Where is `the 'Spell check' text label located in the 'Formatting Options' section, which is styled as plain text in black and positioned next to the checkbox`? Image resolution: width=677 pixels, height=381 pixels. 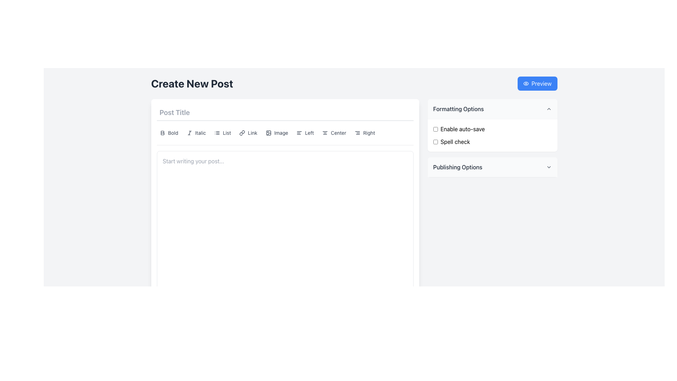
the 'Spell check' text label located in the 'Formatting Options' section, which is styled as plain text in black and positioned next to the checkbox is located at coordinates (455, 141).